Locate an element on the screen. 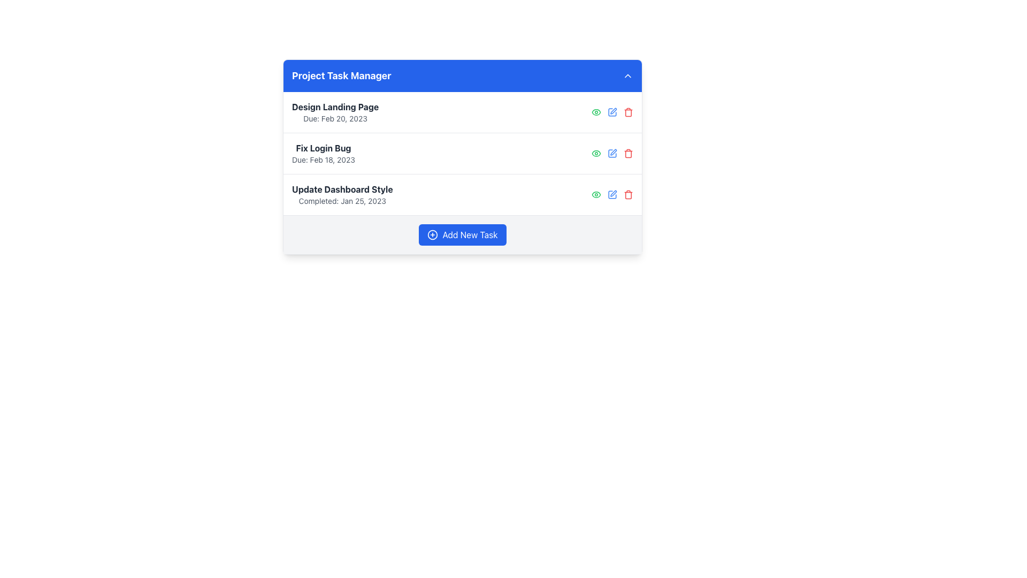 This screenshot has height=578, width=1027. the upward-pointing caret icon button located in the top-right corner of the blue header labeled 'Project Task Manager' is located at coordinates (628, 75).